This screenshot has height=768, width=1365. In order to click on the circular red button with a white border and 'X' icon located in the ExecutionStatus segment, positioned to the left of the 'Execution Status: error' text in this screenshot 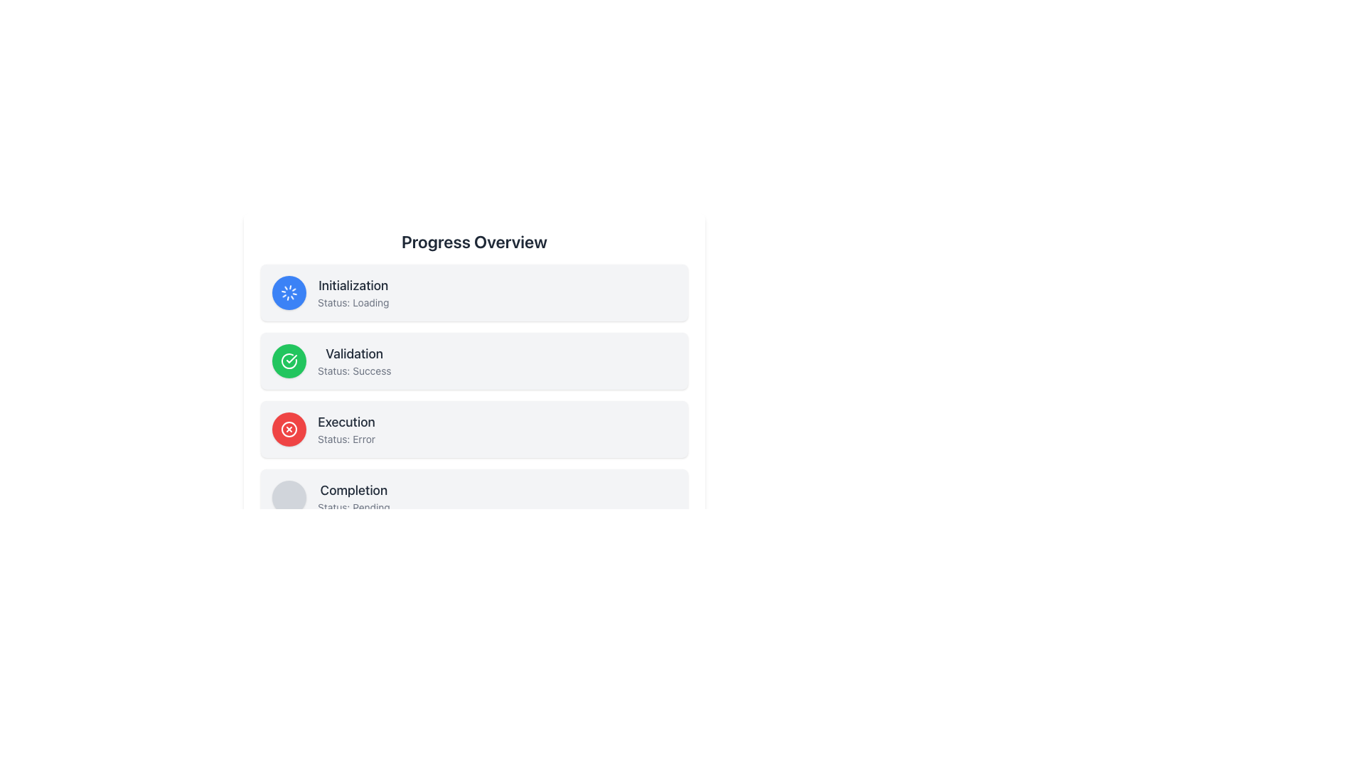, I will do `click(289, 429)`.